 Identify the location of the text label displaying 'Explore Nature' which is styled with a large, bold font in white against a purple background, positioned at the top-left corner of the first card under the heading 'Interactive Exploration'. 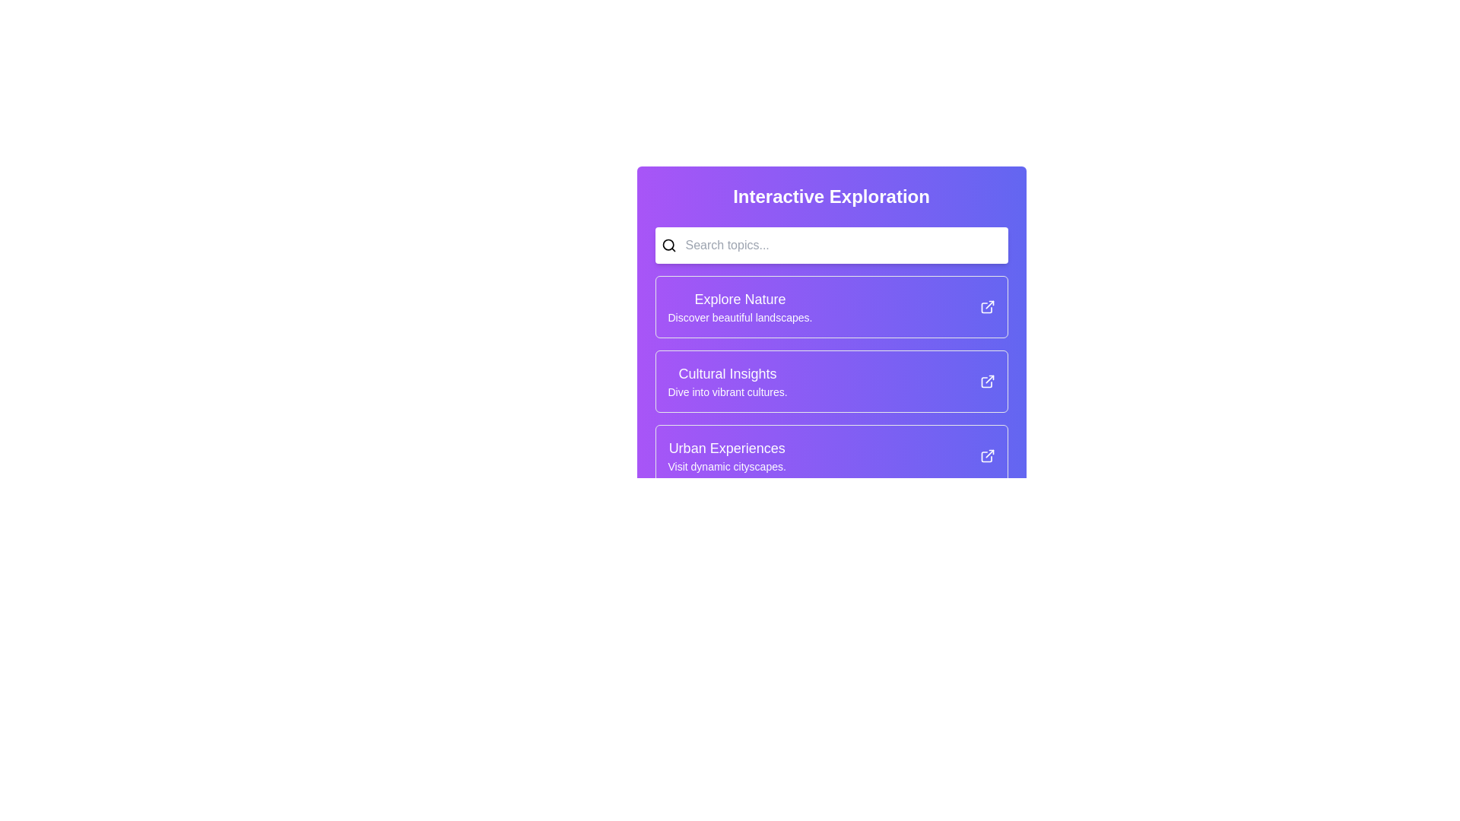
(740, 299).